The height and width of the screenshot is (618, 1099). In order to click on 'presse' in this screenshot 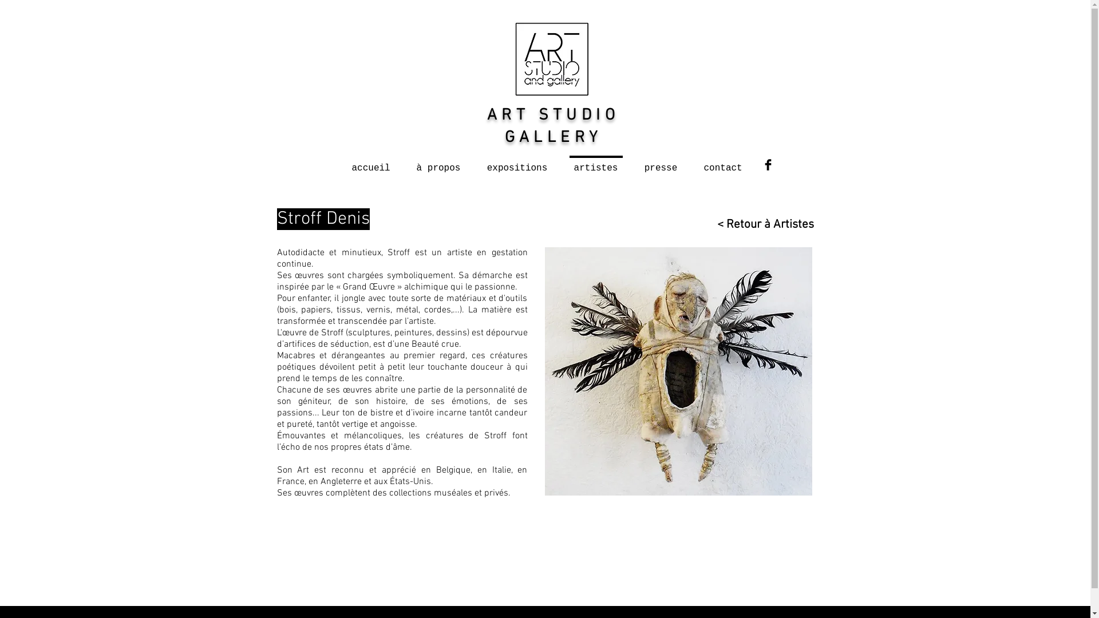, I will do `click(630, 163)`.